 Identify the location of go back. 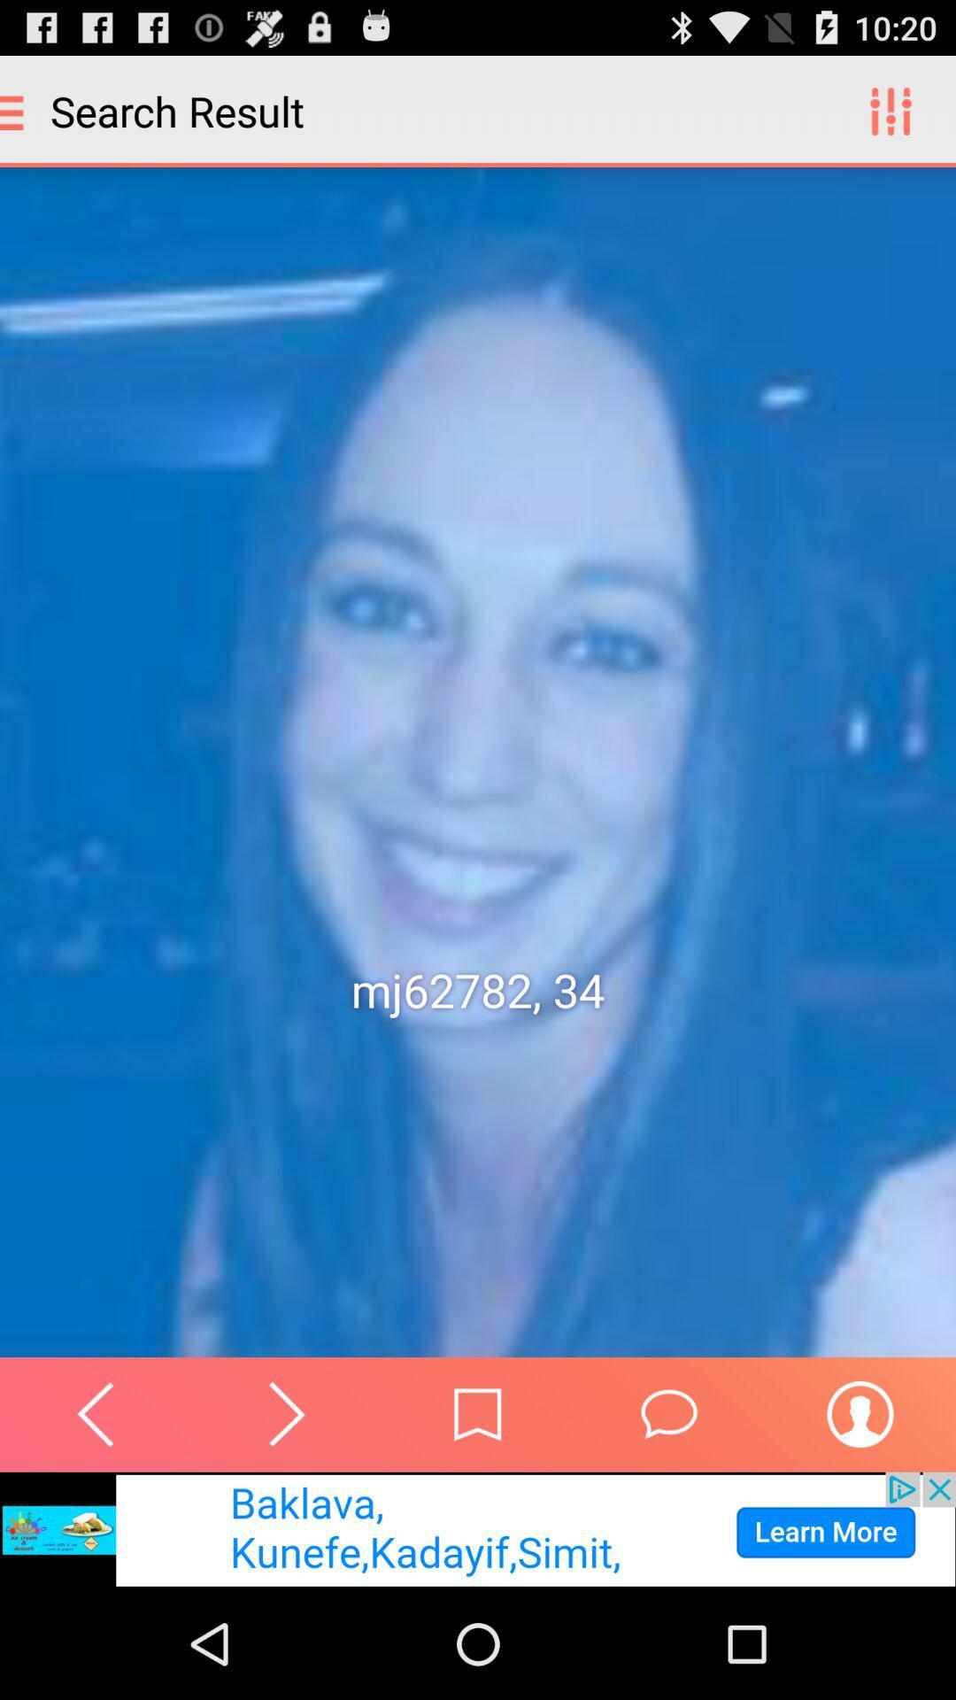
(96, 1413).